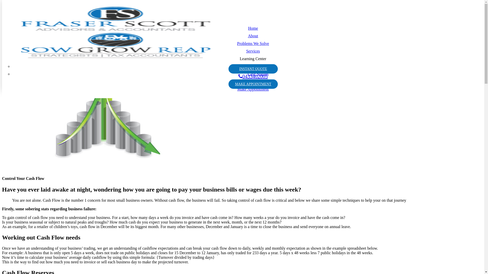 The width and height of the screenshot is (488, 274). I want to click on '0433402005', so click(238, 76).